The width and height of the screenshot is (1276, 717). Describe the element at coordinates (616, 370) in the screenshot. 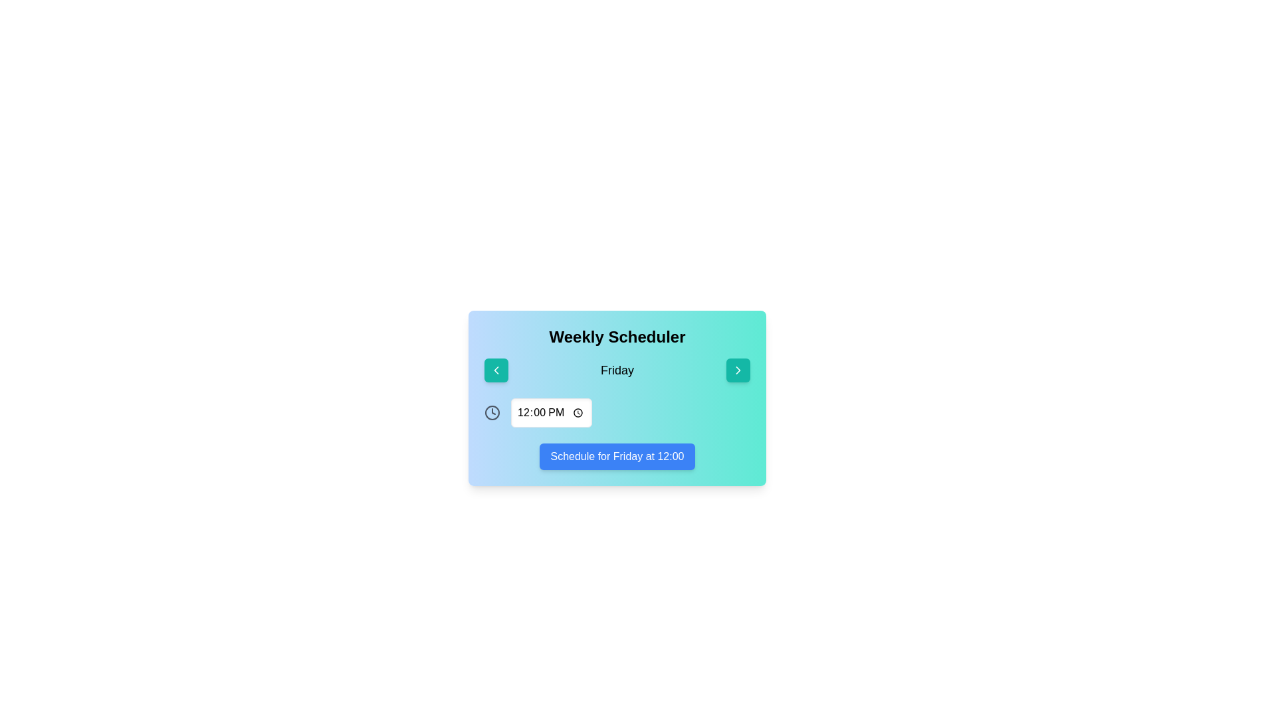

I see `the Text label that displays the currently selected day in the scheduler tool, positioned centrally between two arrow buttons` at that location.